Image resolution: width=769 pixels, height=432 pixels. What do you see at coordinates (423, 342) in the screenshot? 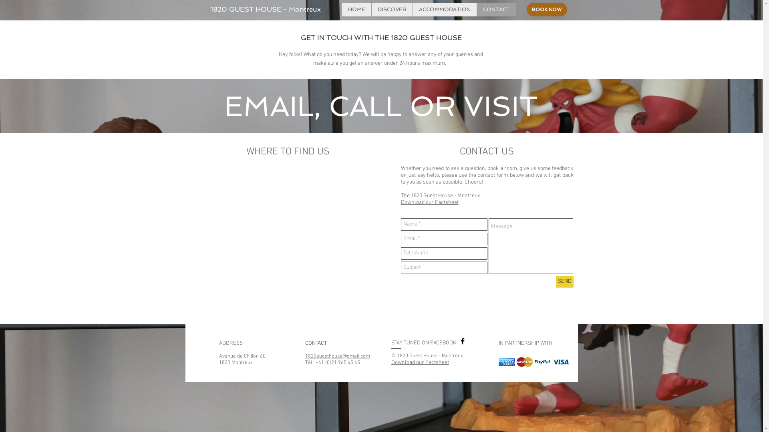
I see `'STAY TUNED ON FACEBOOK'` at bounding box center [423, 342].